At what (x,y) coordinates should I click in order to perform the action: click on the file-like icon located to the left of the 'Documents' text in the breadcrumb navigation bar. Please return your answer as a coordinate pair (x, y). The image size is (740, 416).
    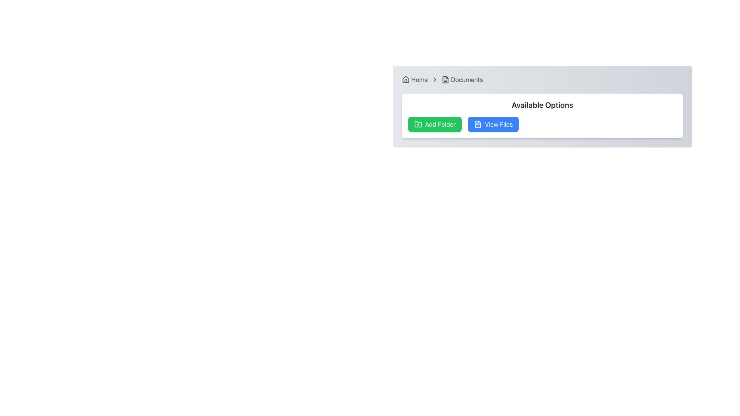
    Looking at the image, I should click on (446, 80).